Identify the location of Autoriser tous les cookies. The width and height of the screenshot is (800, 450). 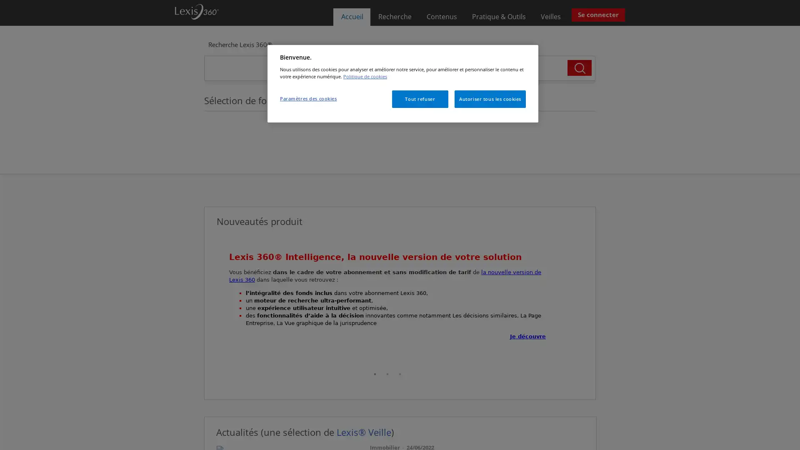
(490, 98).